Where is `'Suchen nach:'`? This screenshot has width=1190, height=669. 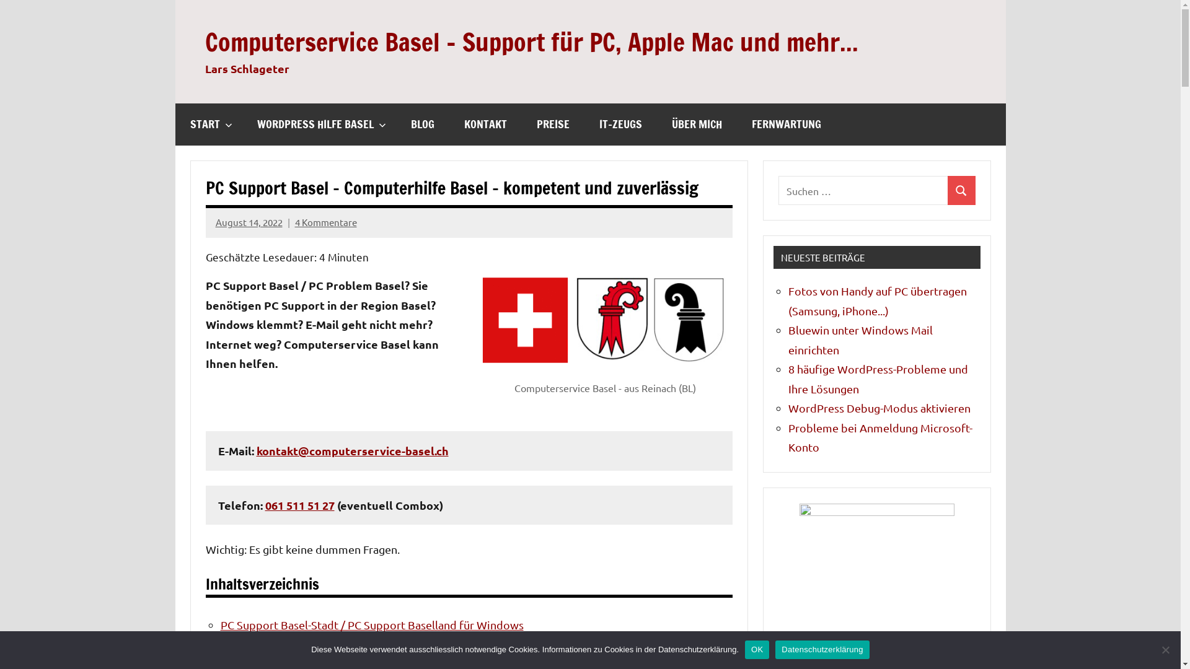 'Suchen nach:' is located at coordinates (862, 190).